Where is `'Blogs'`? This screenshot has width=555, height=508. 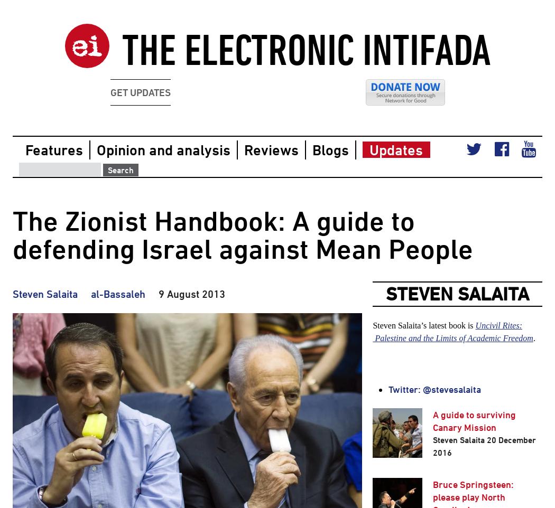
'Blogs' is located at coordinates (312, 149).